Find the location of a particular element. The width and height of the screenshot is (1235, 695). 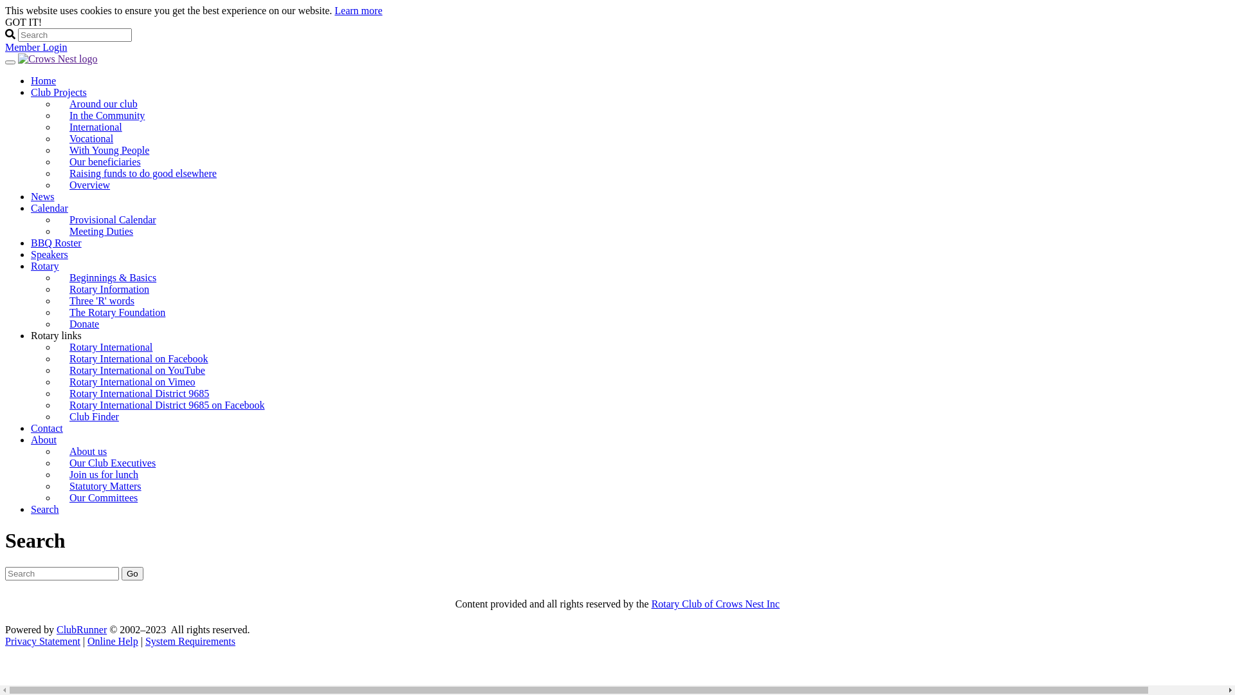

'Calendar' is located at coordinates (31, 207).